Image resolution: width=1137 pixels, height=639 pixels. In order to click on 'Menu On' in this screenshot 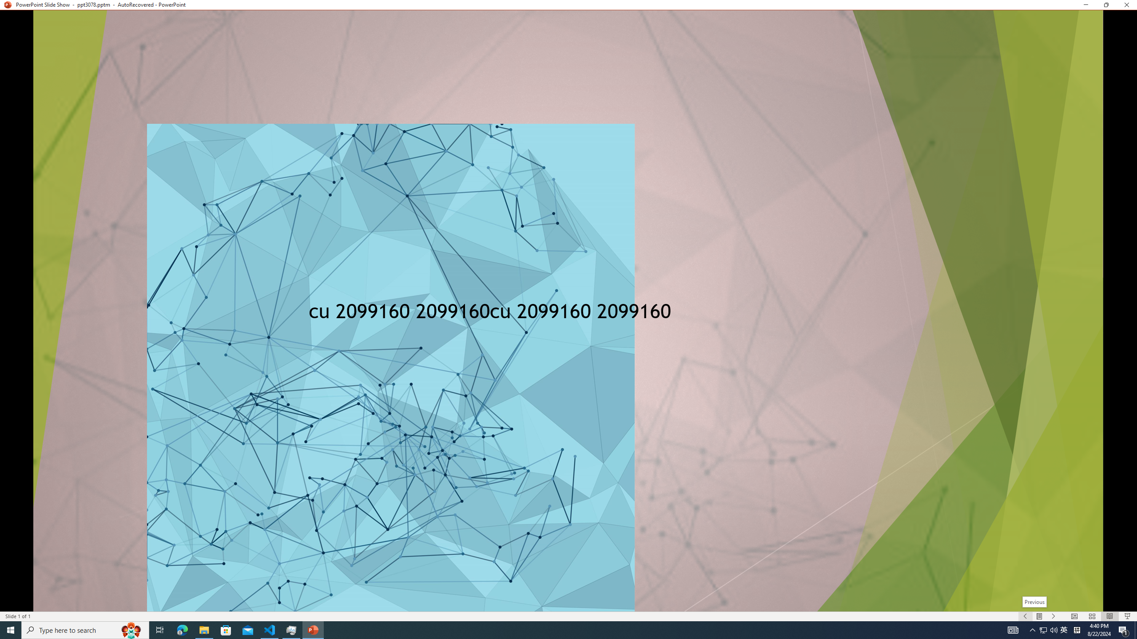, I will do `click(1039, 616)`.